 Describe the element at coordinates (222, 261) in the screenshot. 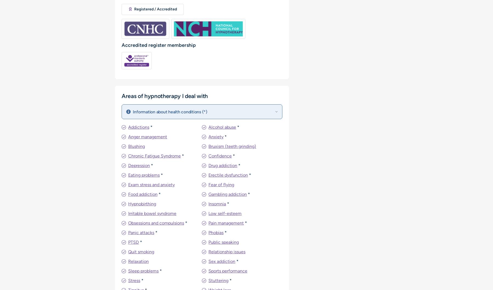

I see `'Sex addiction'` at that location.